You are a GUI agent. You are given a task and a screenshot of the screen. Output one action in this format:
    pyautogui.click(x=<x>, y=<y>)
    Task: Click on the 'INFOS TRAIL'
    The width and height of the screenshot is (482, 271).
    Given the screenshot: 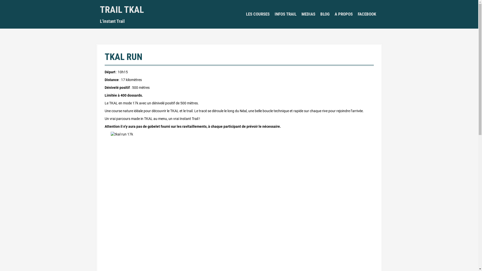 What is the action you would take?
    pyautogui.click(x=274, y=14)
    